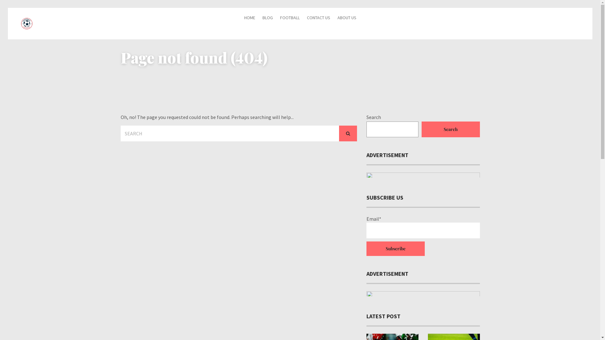 The image size is (605, 340). Describe the element at coordinates (450, 129) in the screenshot. I see `'Search'` at that location.